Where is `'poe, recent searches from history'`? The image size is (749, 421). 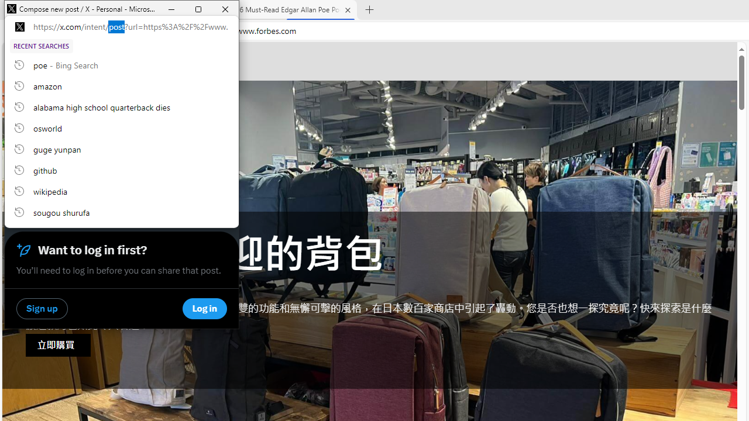 'poe, recent searches from history' is located at coordinates (122, 64).